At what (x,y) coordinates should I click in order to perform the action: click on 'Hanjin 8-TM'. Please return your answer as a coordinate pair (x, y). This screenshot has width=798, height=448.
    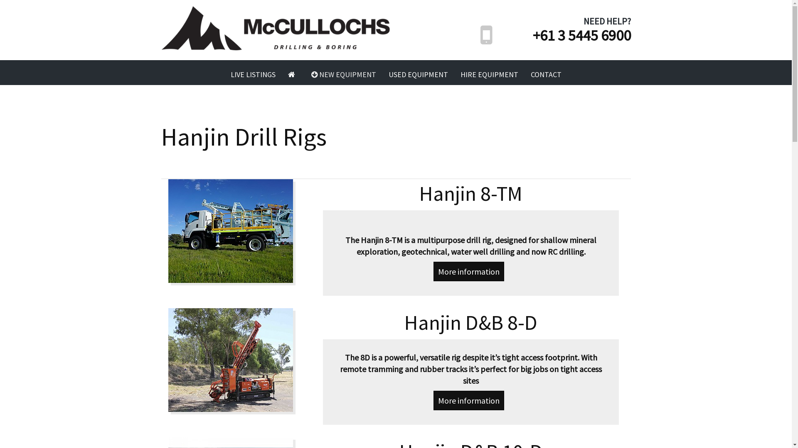
    Looking at the image, I should click on (238, 231).